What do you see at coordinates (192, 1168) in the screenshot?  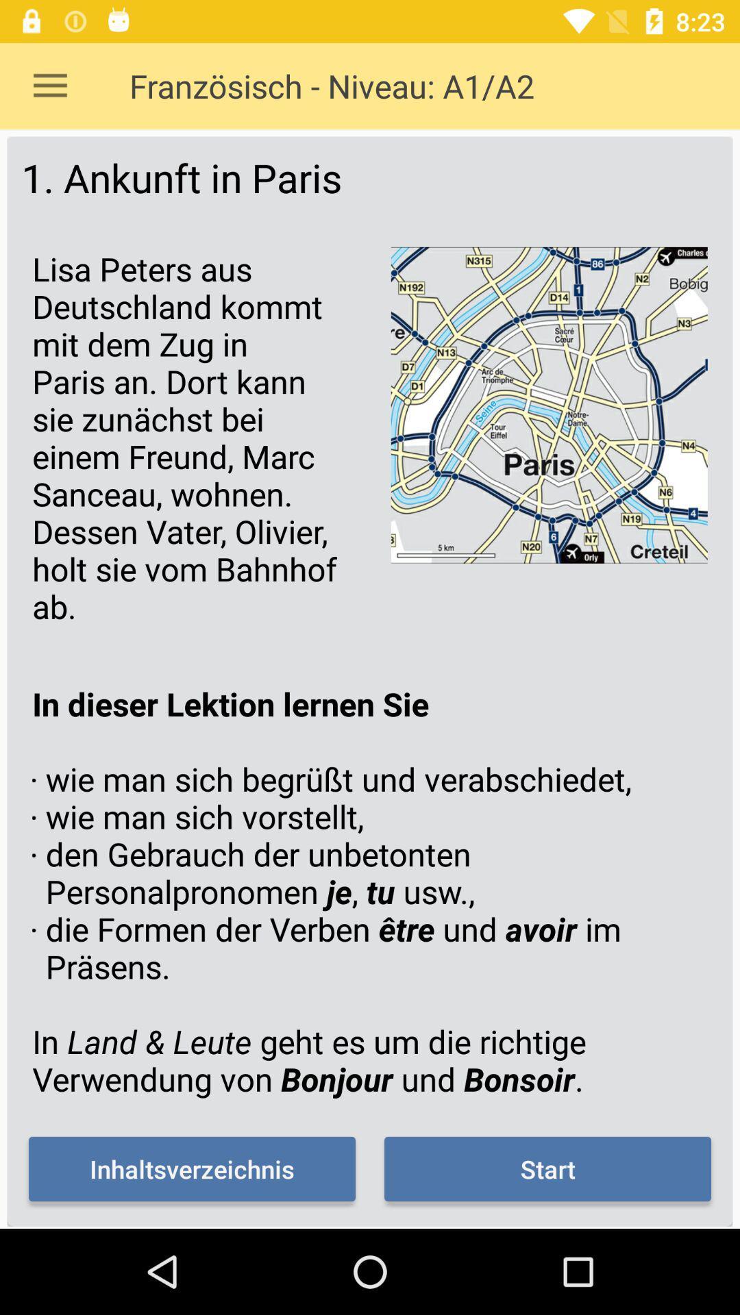 I see `the icon below the in dieser lektion` at bounding box center [192, 1168].